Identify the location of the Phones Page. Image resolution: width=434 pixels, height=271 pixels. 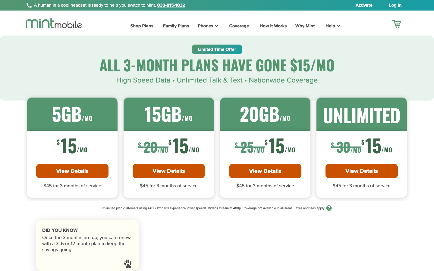
(203, 26).